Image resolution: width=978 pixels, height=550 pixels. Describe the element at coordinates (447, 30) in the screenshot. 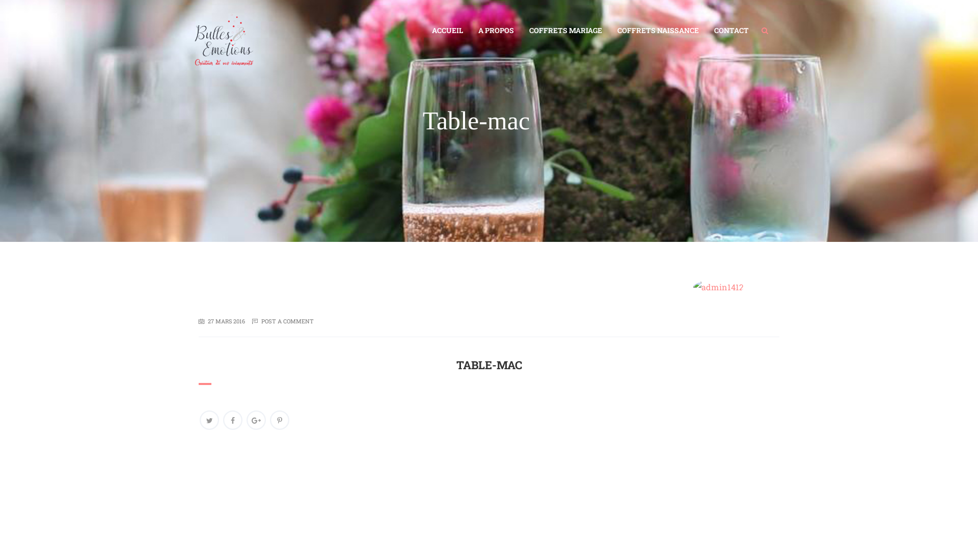

I see `'ACCUEIL'` at that location.